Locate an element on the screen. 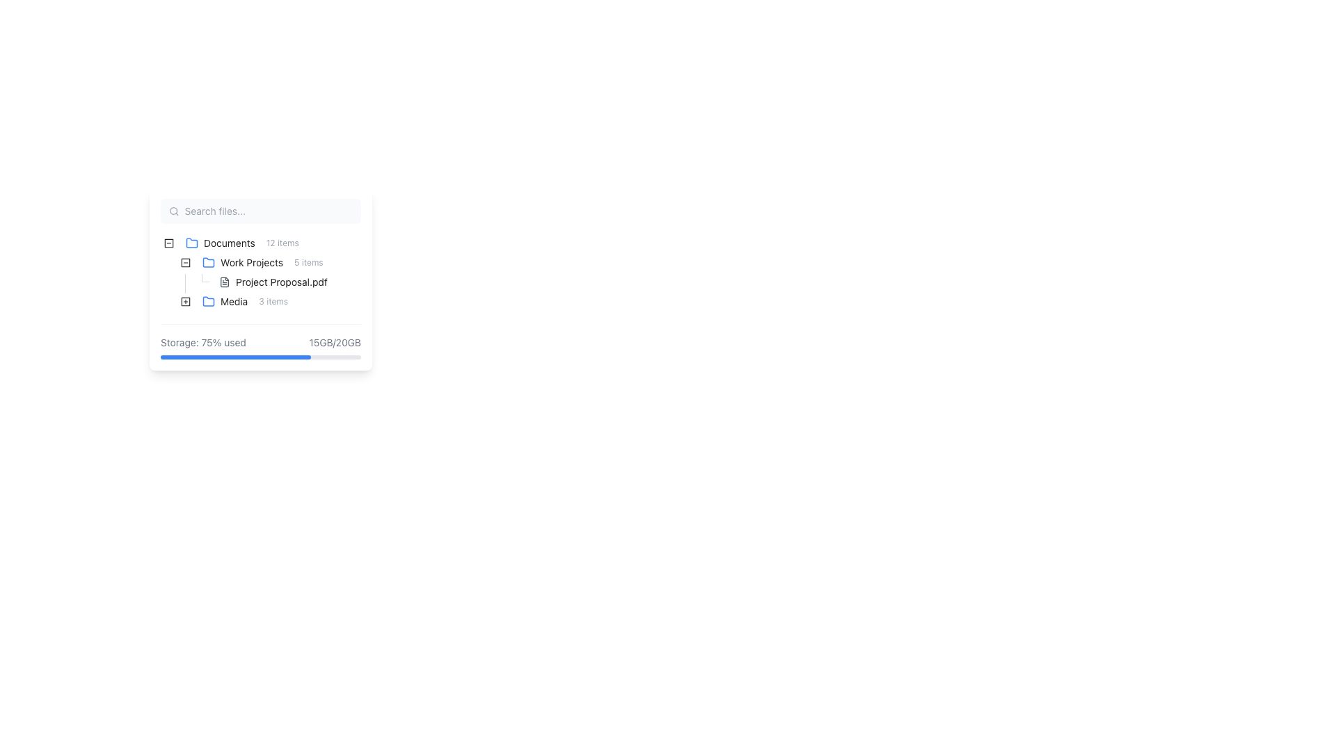  the label displaying '12 items', which is styled in a small gray font and positioned to the right of the 'Documents' text is located at coordinates (282, 243).